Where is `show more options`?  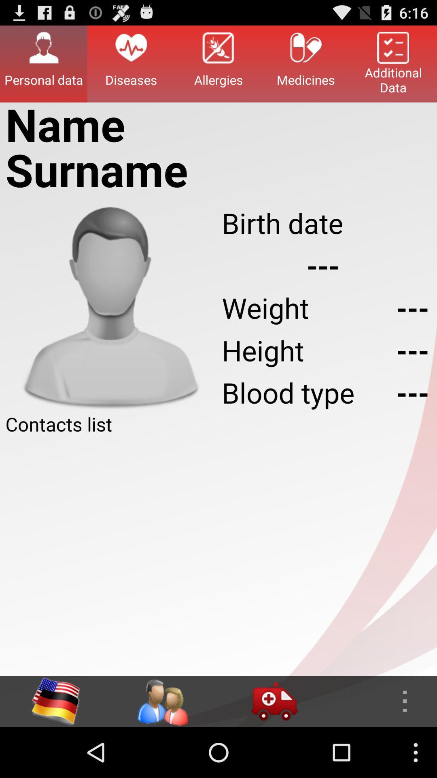
show more options is located at coordinates (381, 701).